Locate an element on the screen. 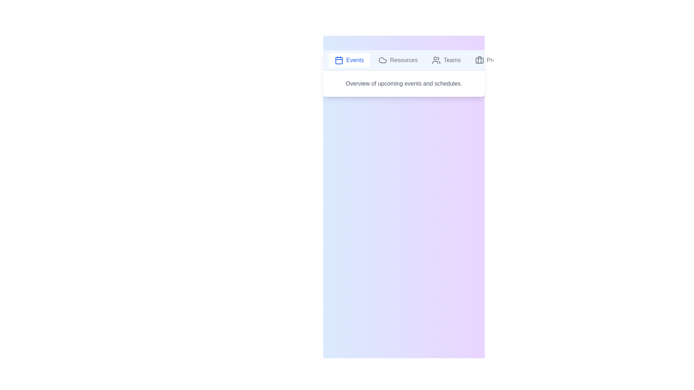 The width and height of the screenshot is (694, 390). the tab labeled Resources to view its content is located at coordinates (397, 60).